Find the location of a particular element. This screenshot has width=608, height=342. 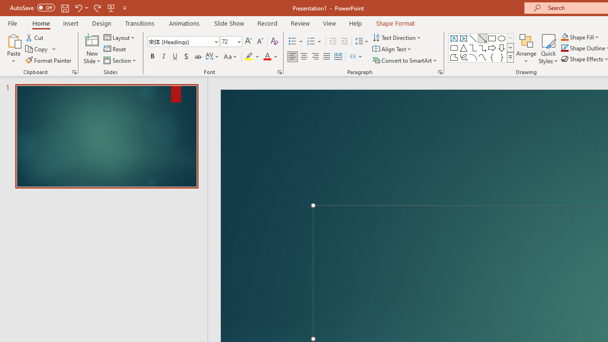

'Font' is located at coordinates (183, 41).